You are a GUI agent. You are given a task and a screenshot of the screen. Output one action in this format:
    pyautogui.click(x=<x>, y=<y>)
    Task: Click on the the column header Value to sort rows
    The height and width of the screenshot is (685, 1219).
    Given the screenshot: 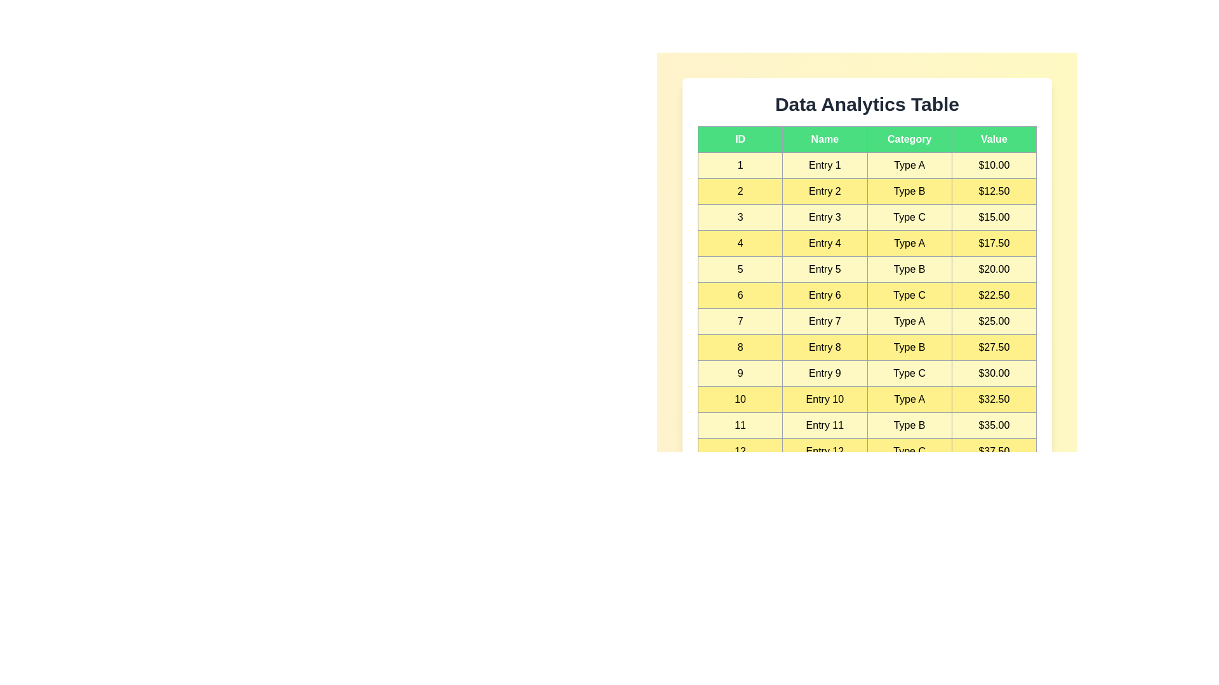 What is the action you would take?
    pyautogui.click(x=993, y=139)
    